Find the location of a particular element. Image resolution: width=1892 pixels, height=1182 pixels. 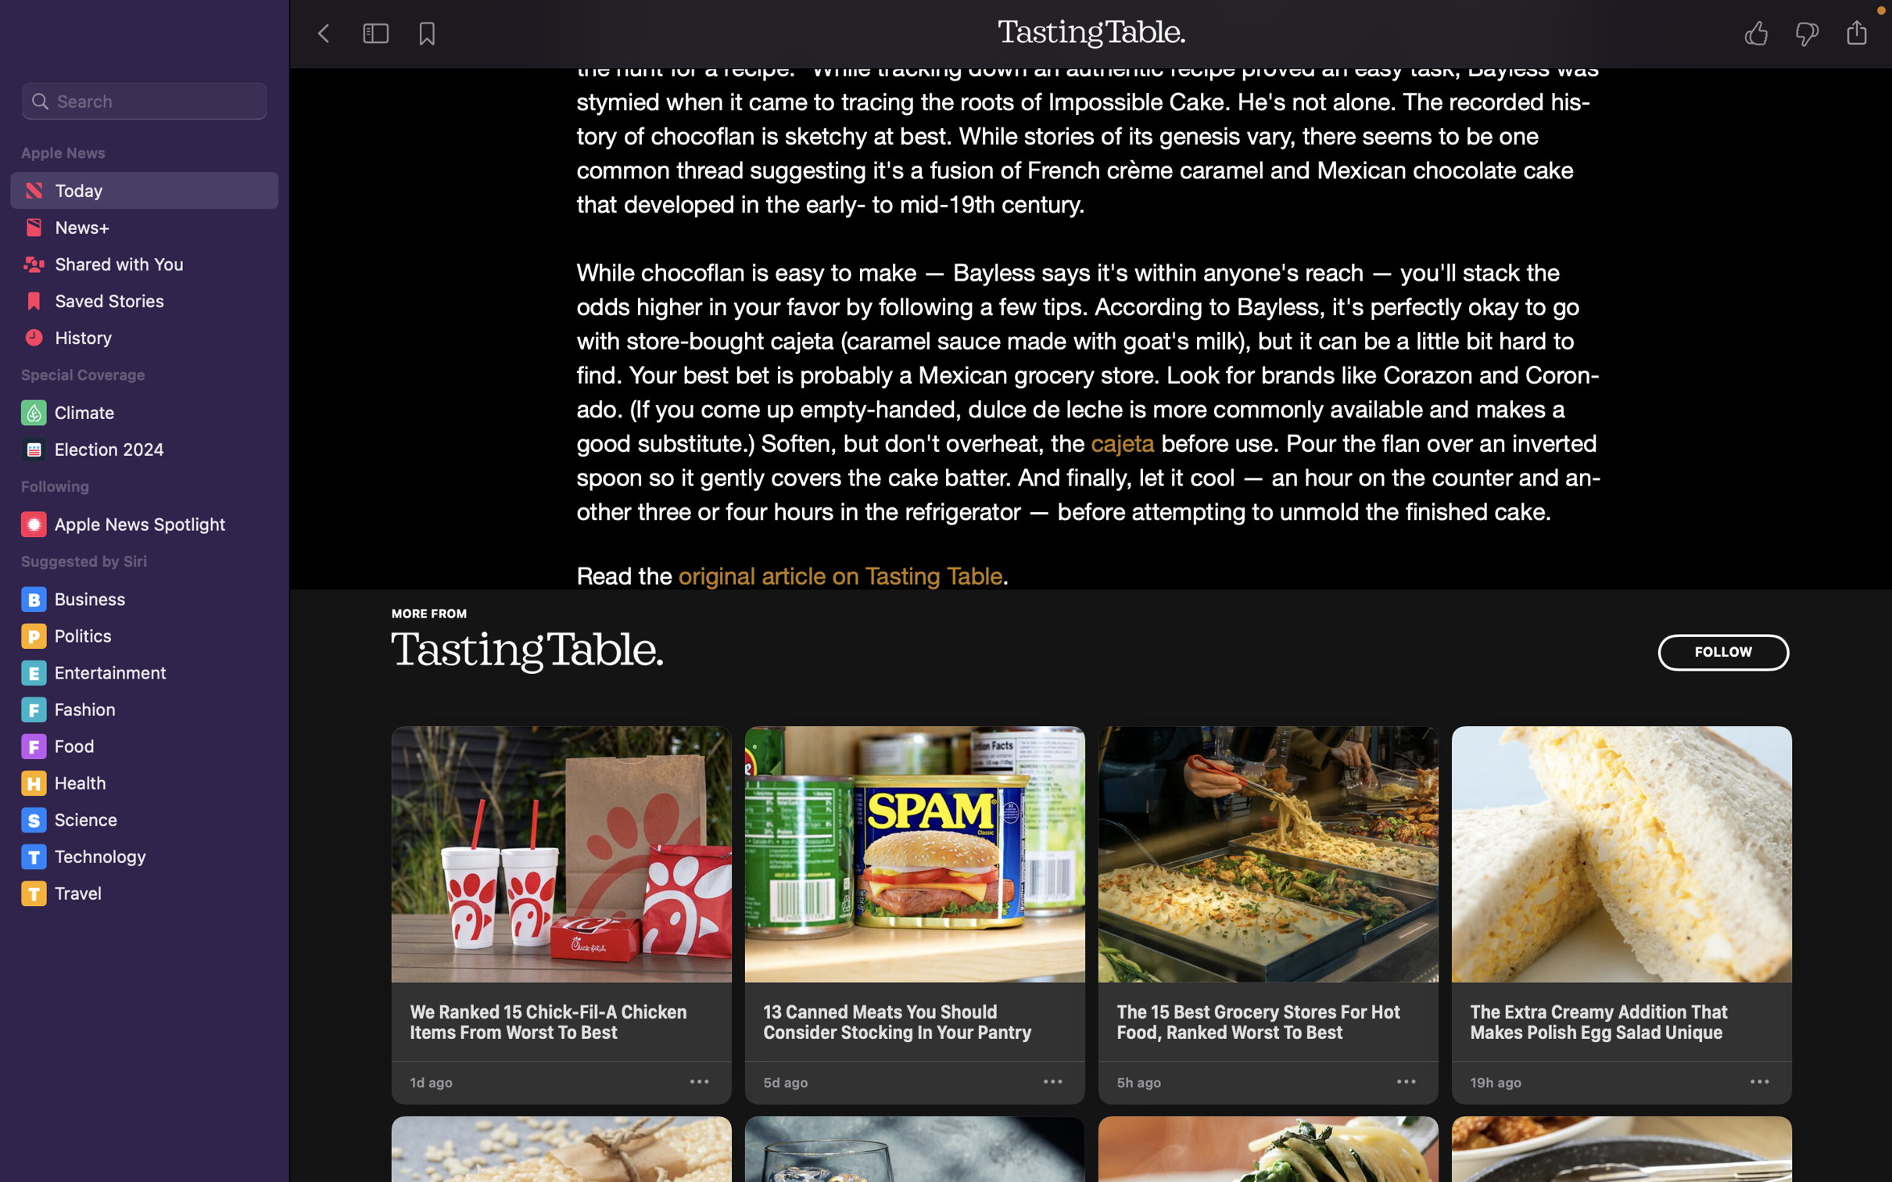

Dislike the story is located at coordinates (1811, 35).